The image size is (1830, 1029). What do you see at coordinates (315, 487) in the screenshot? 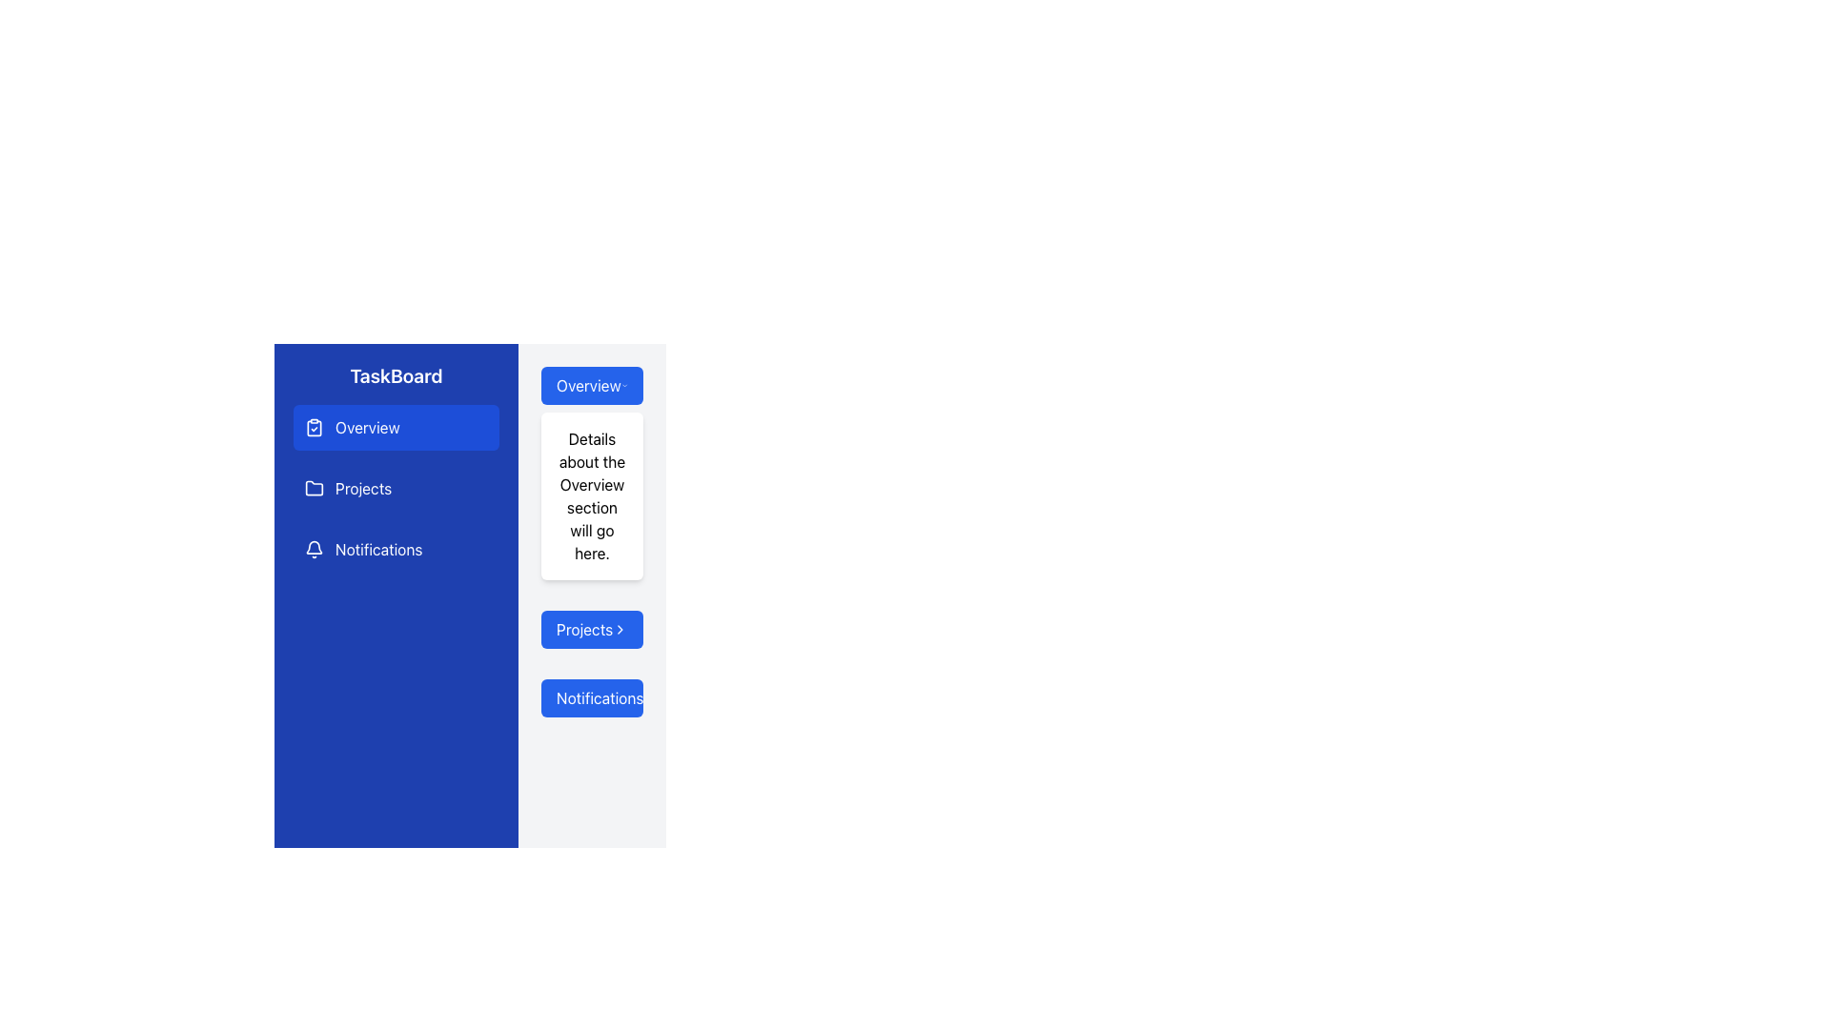
I see `the stylized blue folder icon located next to the 'Projects' label in the left navigation panel` at bounding box center [315, 487].